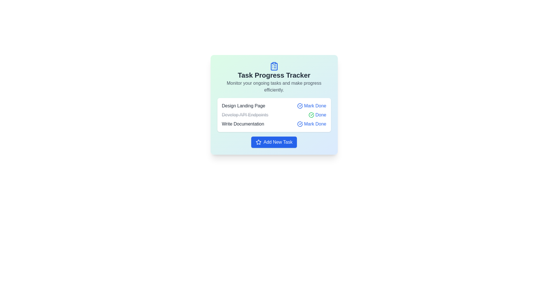  I want to click on the icon located to the left of the 'Add New Task' button, which visually enhances the button's appearance, so click(258, 142).